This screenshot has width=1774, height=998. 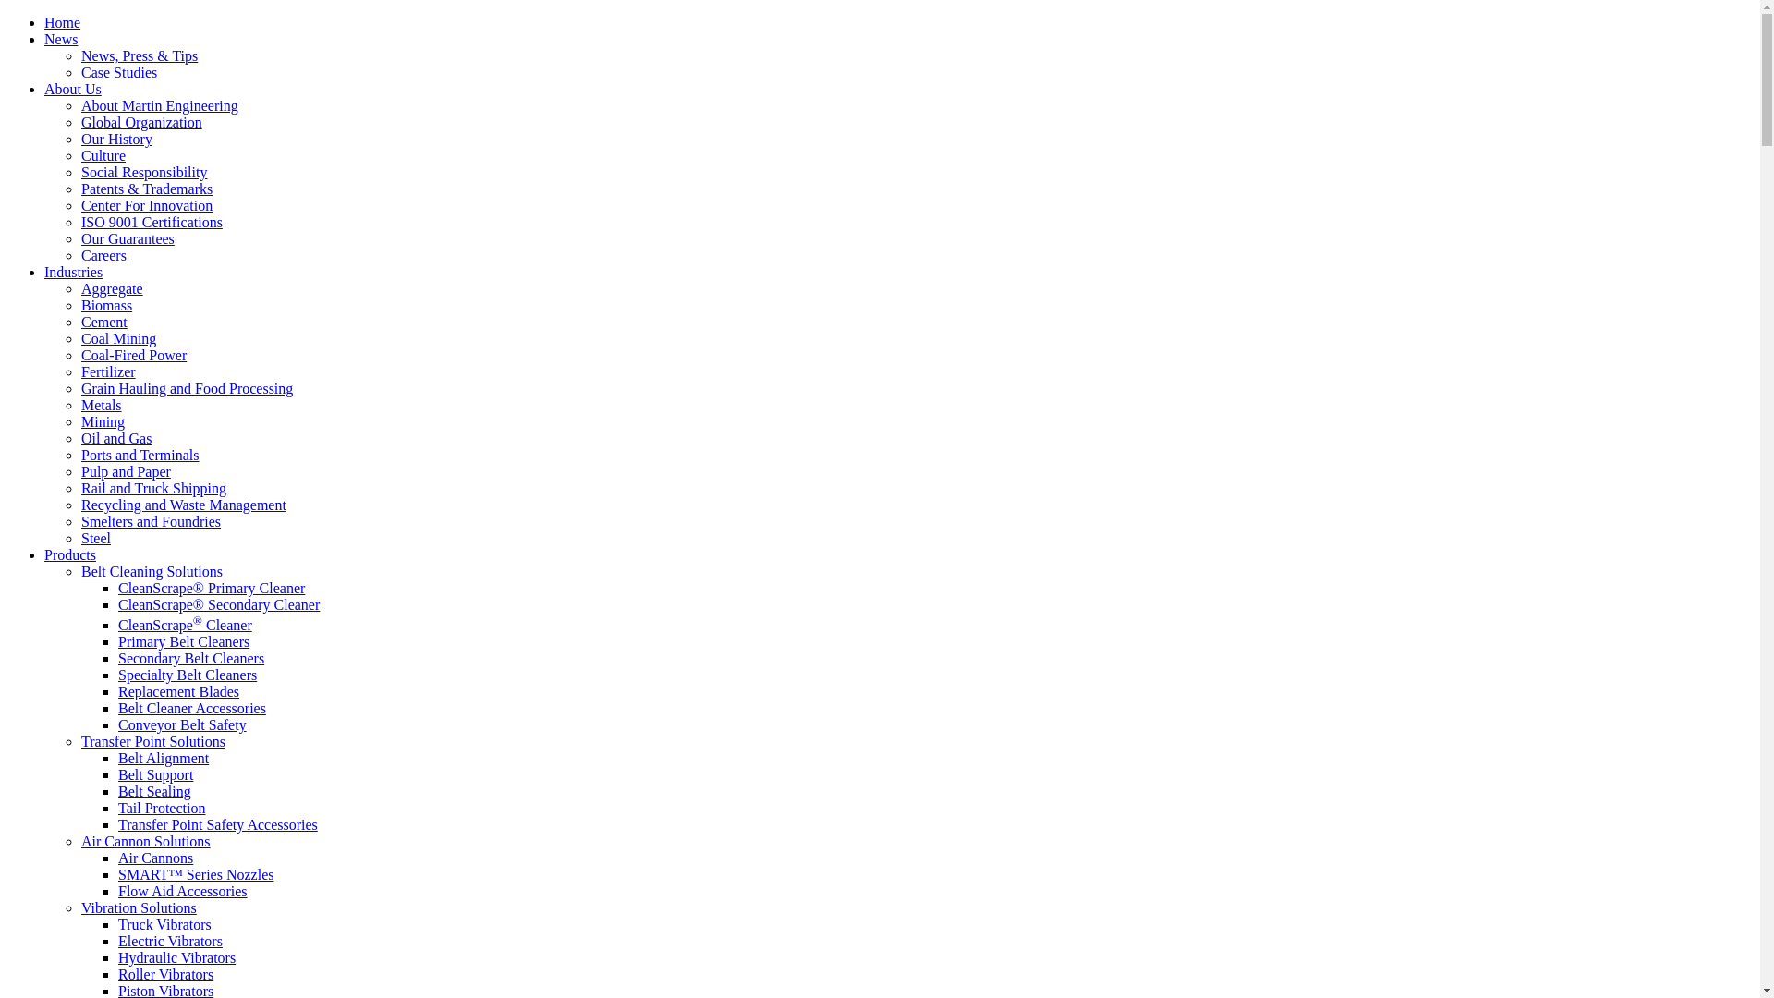 I want to click on 'Specialty Belt Cleaners', so click(x=187, y=675).